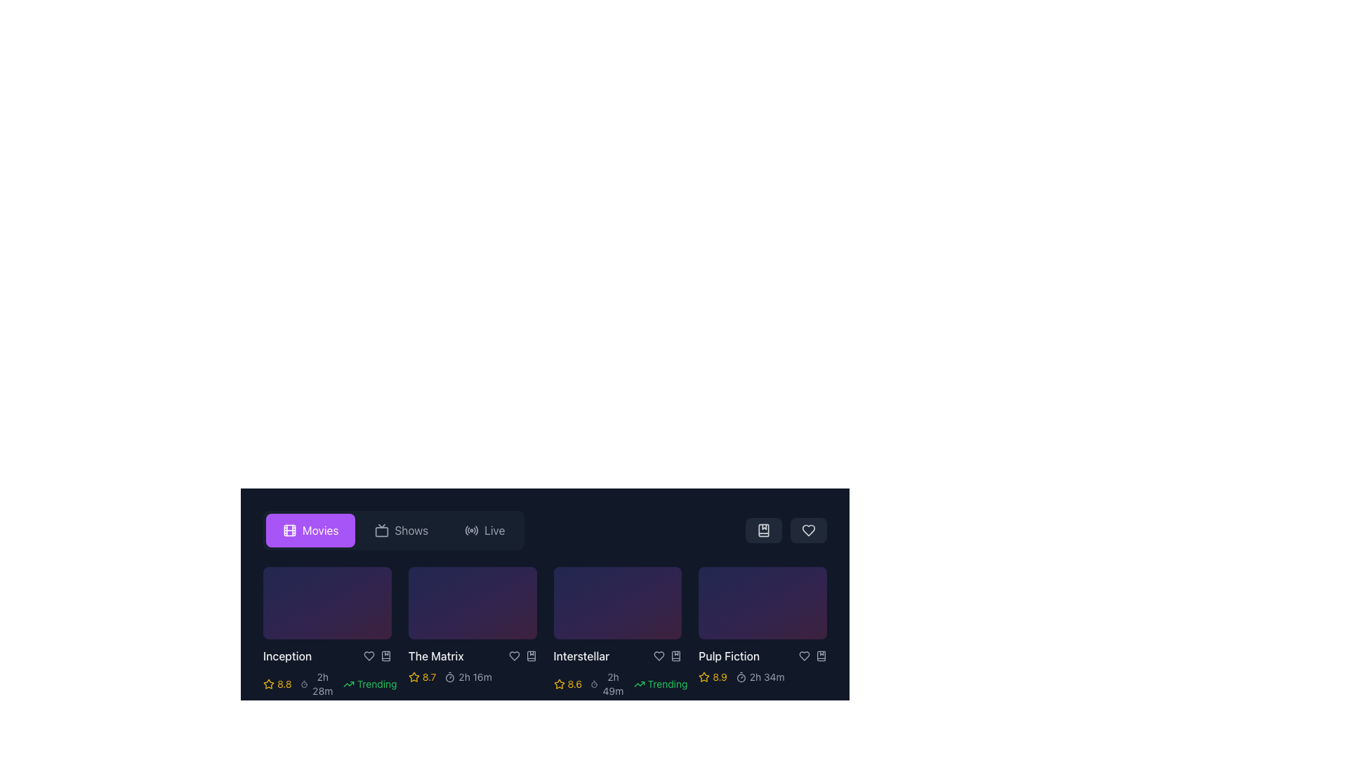 The image size is (1348, 758). I want to click on the compact timer icon located in the metadata section of the second movie tile, which is styled as a circular stopwatch and positioned just to the left of the text '2h 16m', so click(450, 676).